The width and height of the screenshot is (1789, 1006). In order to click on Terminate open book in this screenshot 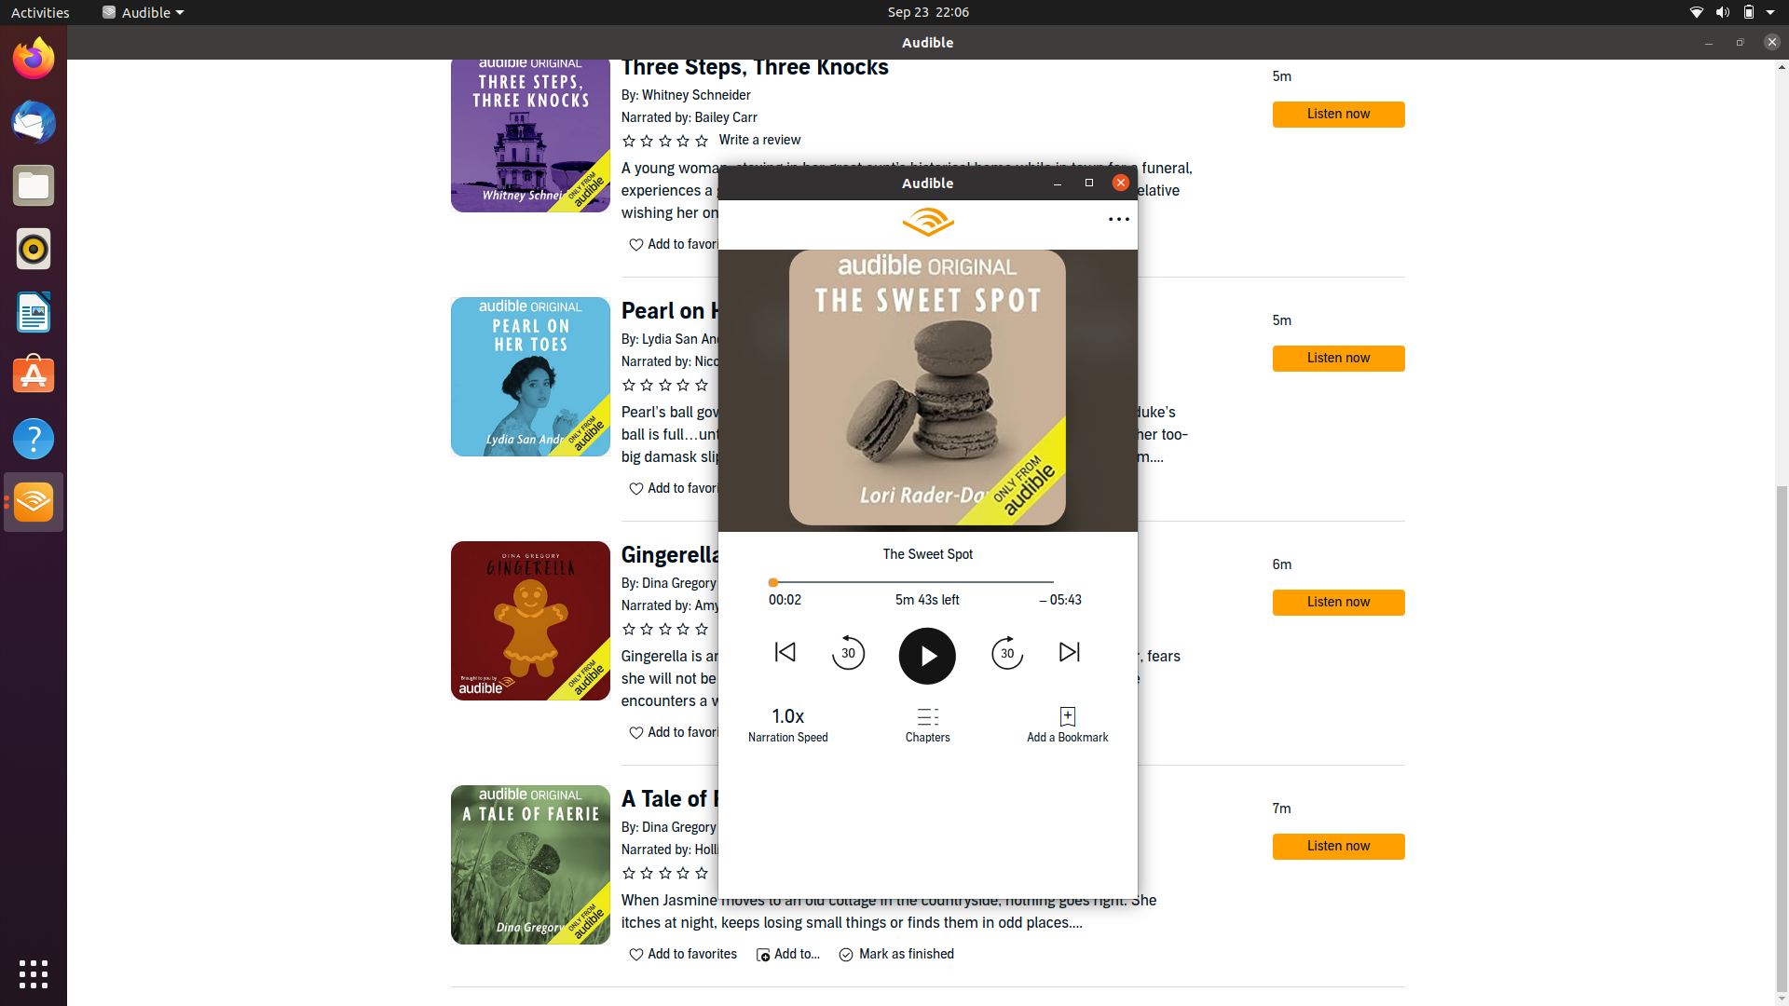, I will do `click(1120, 183)`.